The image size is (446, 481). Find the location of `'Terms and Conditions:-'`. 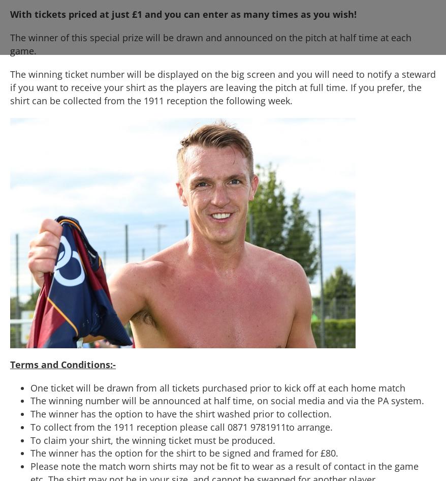

'Terms and Conditions:-' is located at coordinates (62, 364).